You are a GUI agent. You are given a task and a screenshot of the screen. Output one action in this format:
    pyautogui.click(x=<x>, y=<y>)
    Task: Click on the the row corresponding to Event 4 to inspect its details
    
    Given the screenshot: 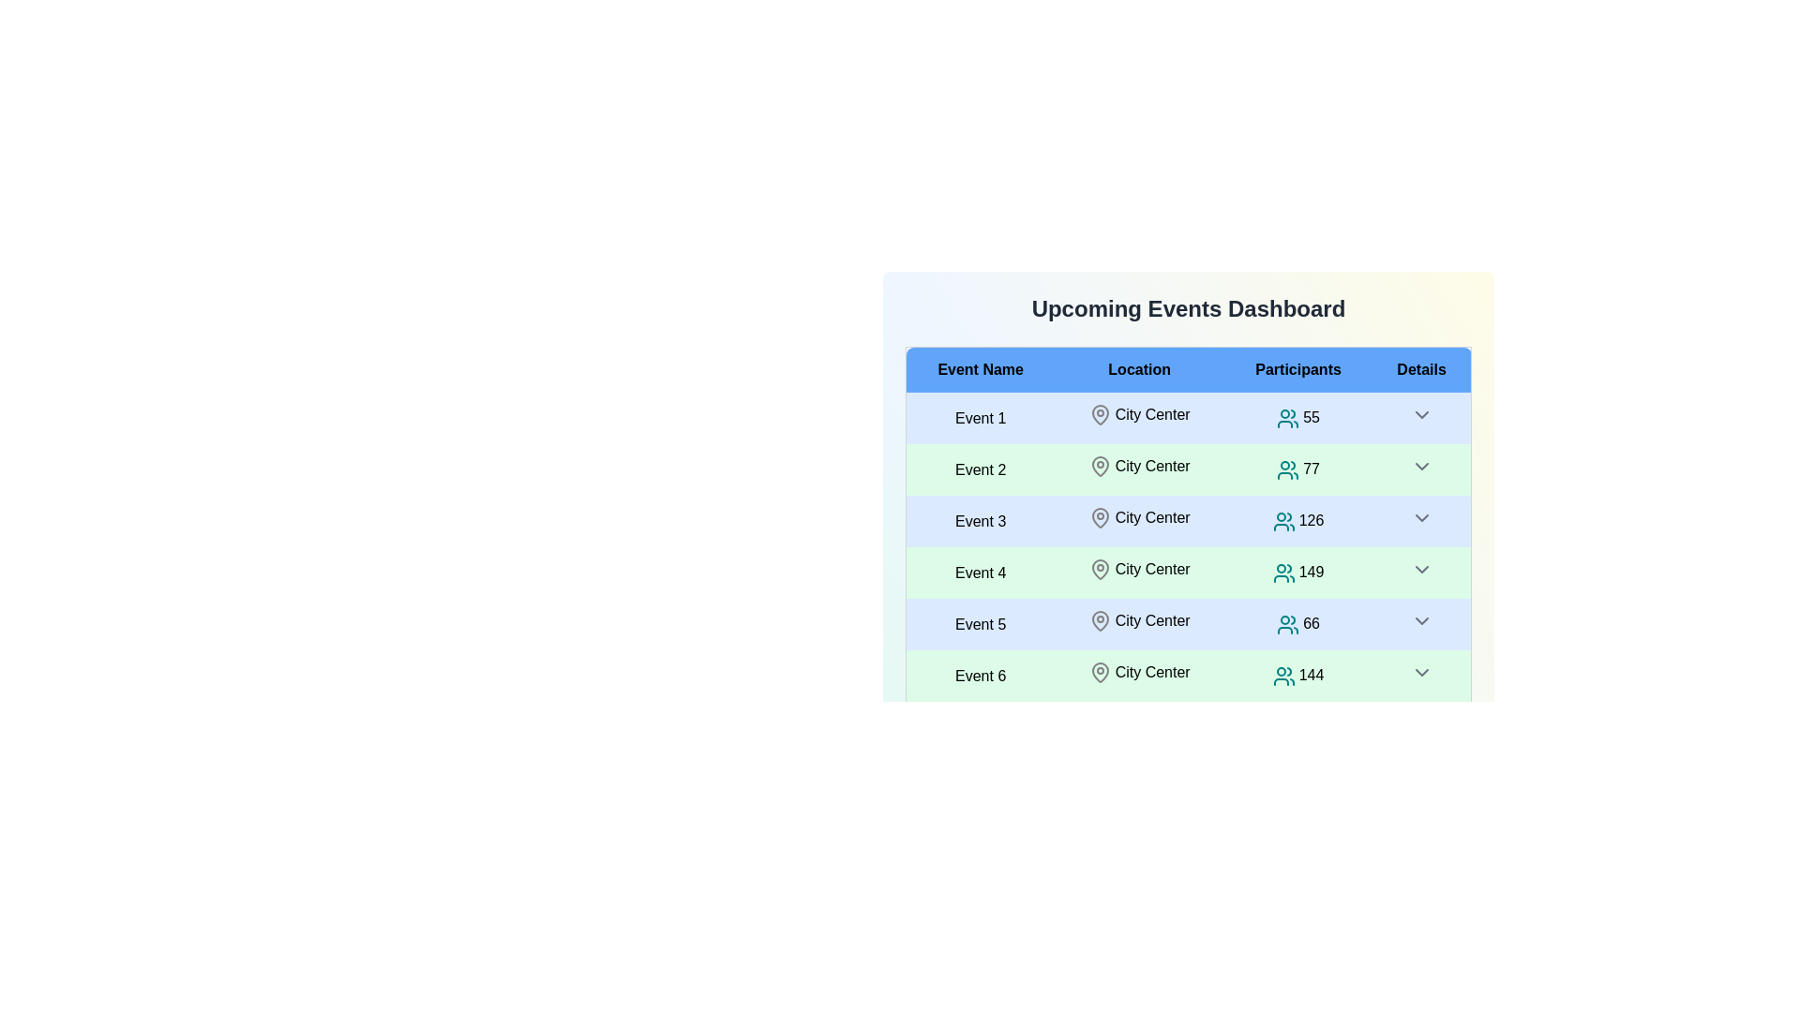 What is the action you would take?
    pyautogui.click(x=980, y=572)
    